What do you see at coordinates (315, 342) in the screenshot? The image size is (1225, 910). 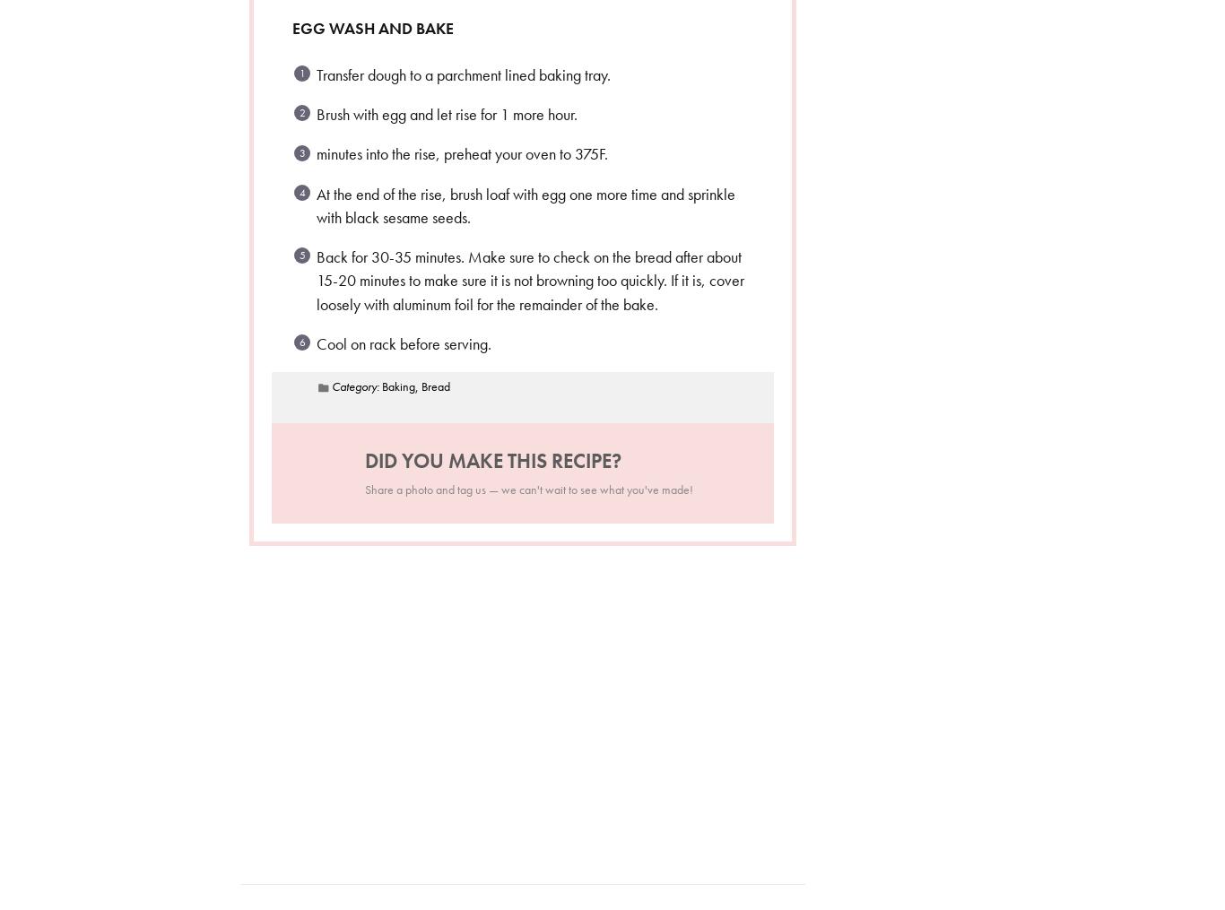 I see `'Cool on rack before serving.'` at bounding box center [315, 342].